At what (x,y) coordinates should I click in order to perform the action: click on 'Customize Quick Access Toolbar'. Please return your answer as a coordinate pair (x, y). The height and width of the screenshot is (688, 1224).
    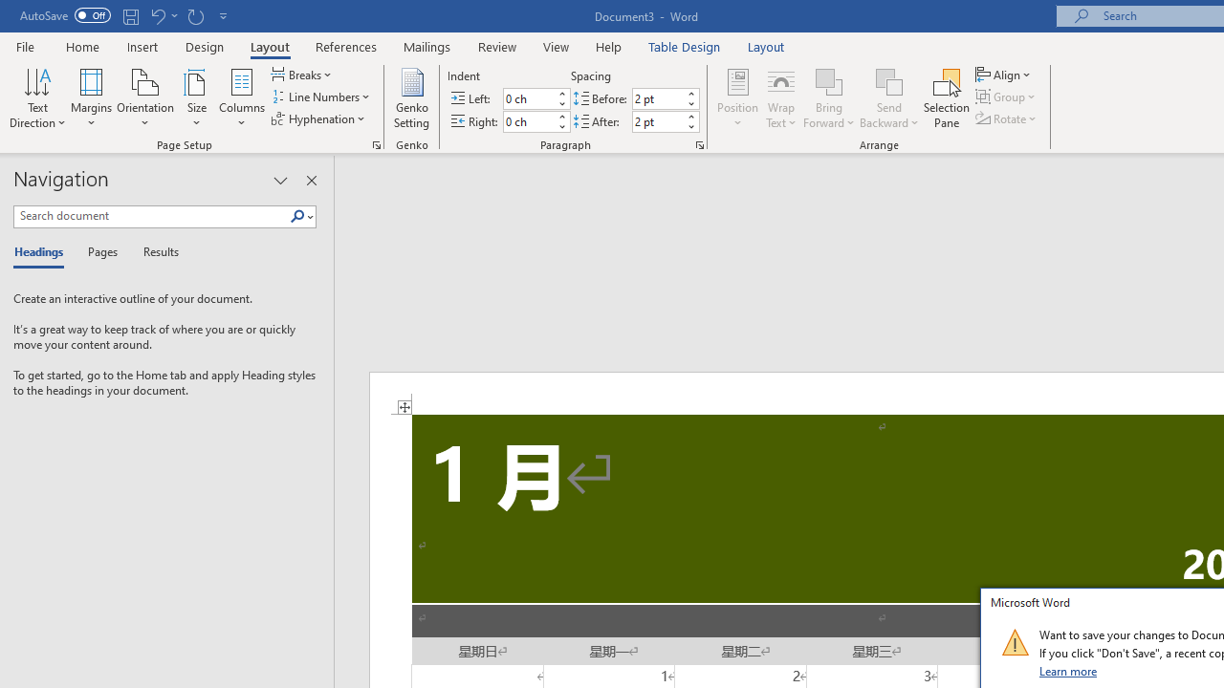
    Looking at the image, I should click on (224, 15).